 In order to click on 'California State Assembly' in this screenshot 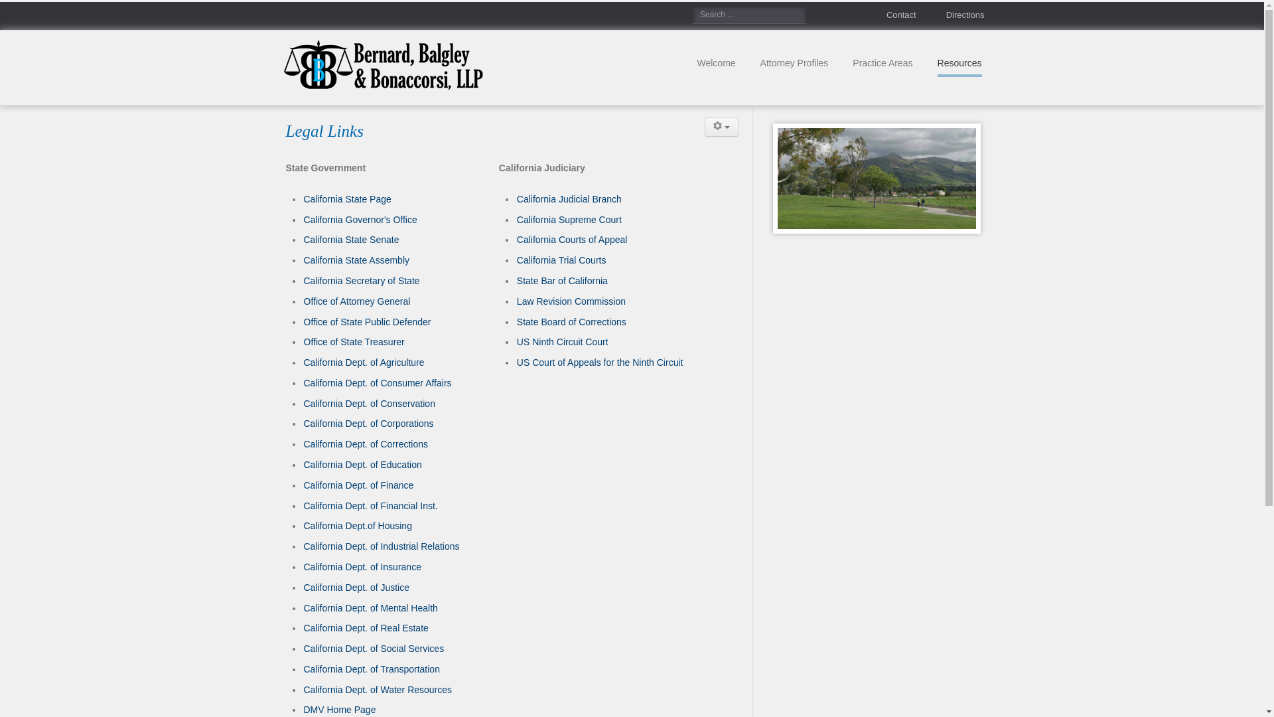, I will do `click(303, 260)`.